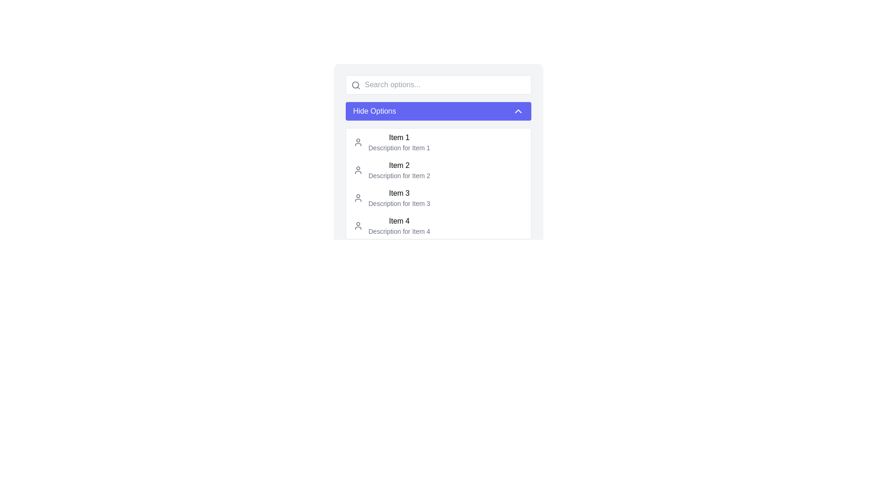 Image resolution: width=891 pixels, height=501 pixels. What do you see at coordinates (438, 198) in the screenshot?
I see `the third item` at bounding box center [438, 198].